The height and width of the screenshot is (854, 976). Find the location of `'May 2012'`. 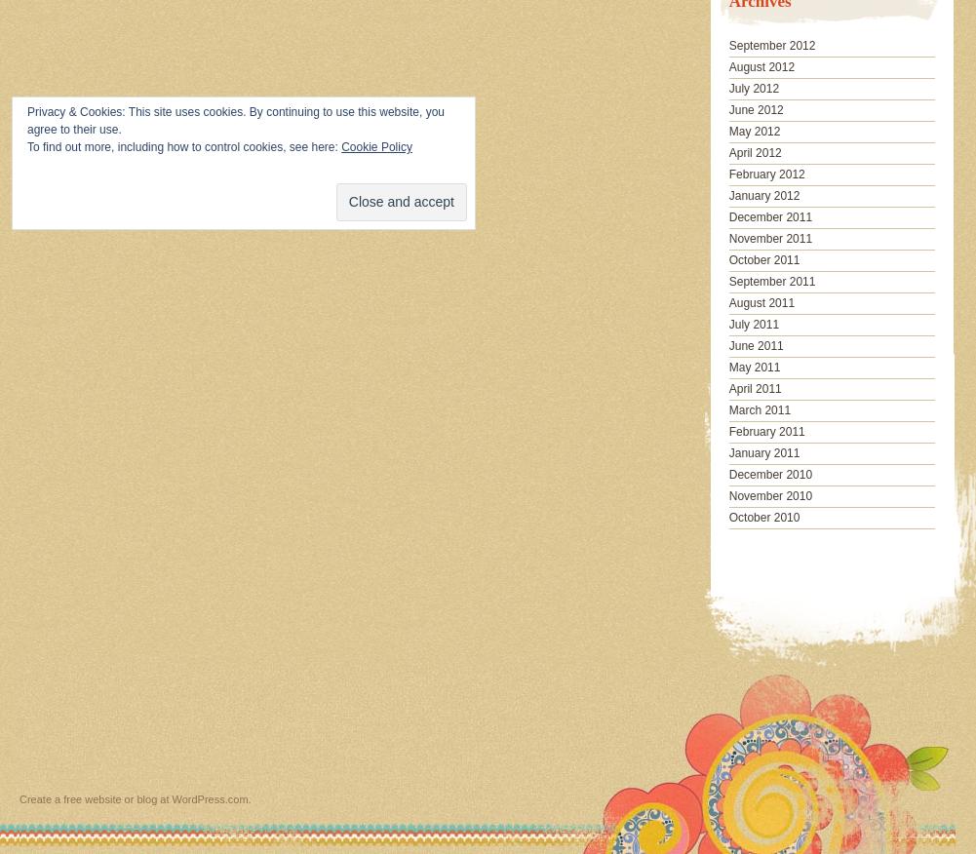

'May 2012' is located at coordinates (754, 130).